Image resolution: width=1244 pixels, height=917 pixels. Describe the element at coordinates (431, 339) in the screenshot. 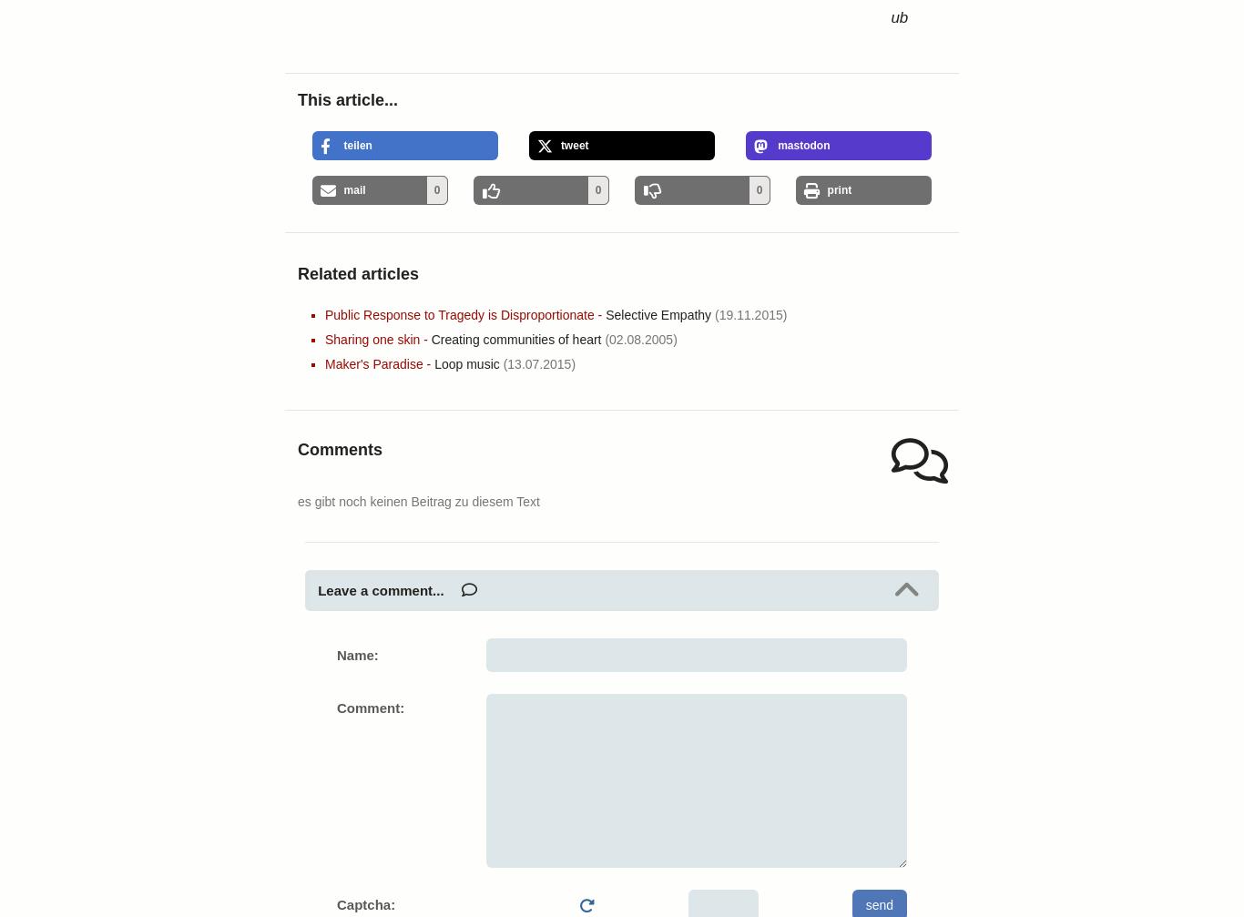

I see `'Creating communities of heart'` at that location.